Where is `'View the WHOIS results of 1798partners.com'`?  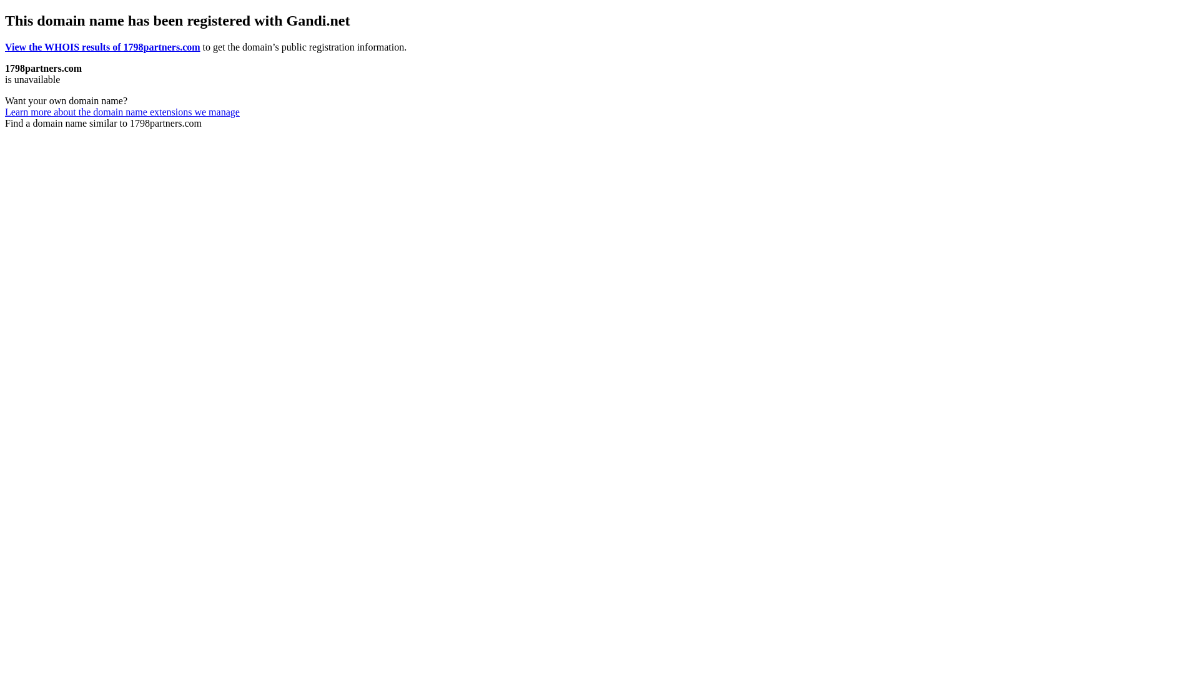
'View the WHOIS results of 1798partners.com' is located at coordinates (102, 46).